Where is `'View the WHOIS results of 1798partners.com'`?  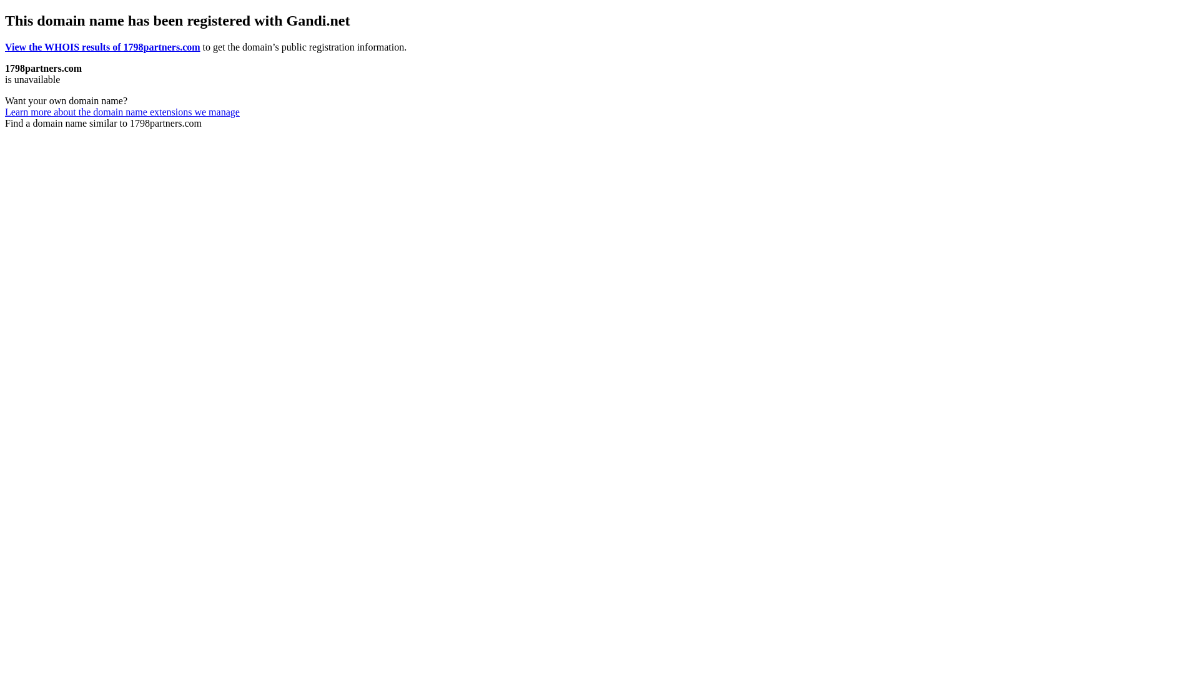
'View the WHOIS results of 1798partners.com' is located at coordinates (102, 46).